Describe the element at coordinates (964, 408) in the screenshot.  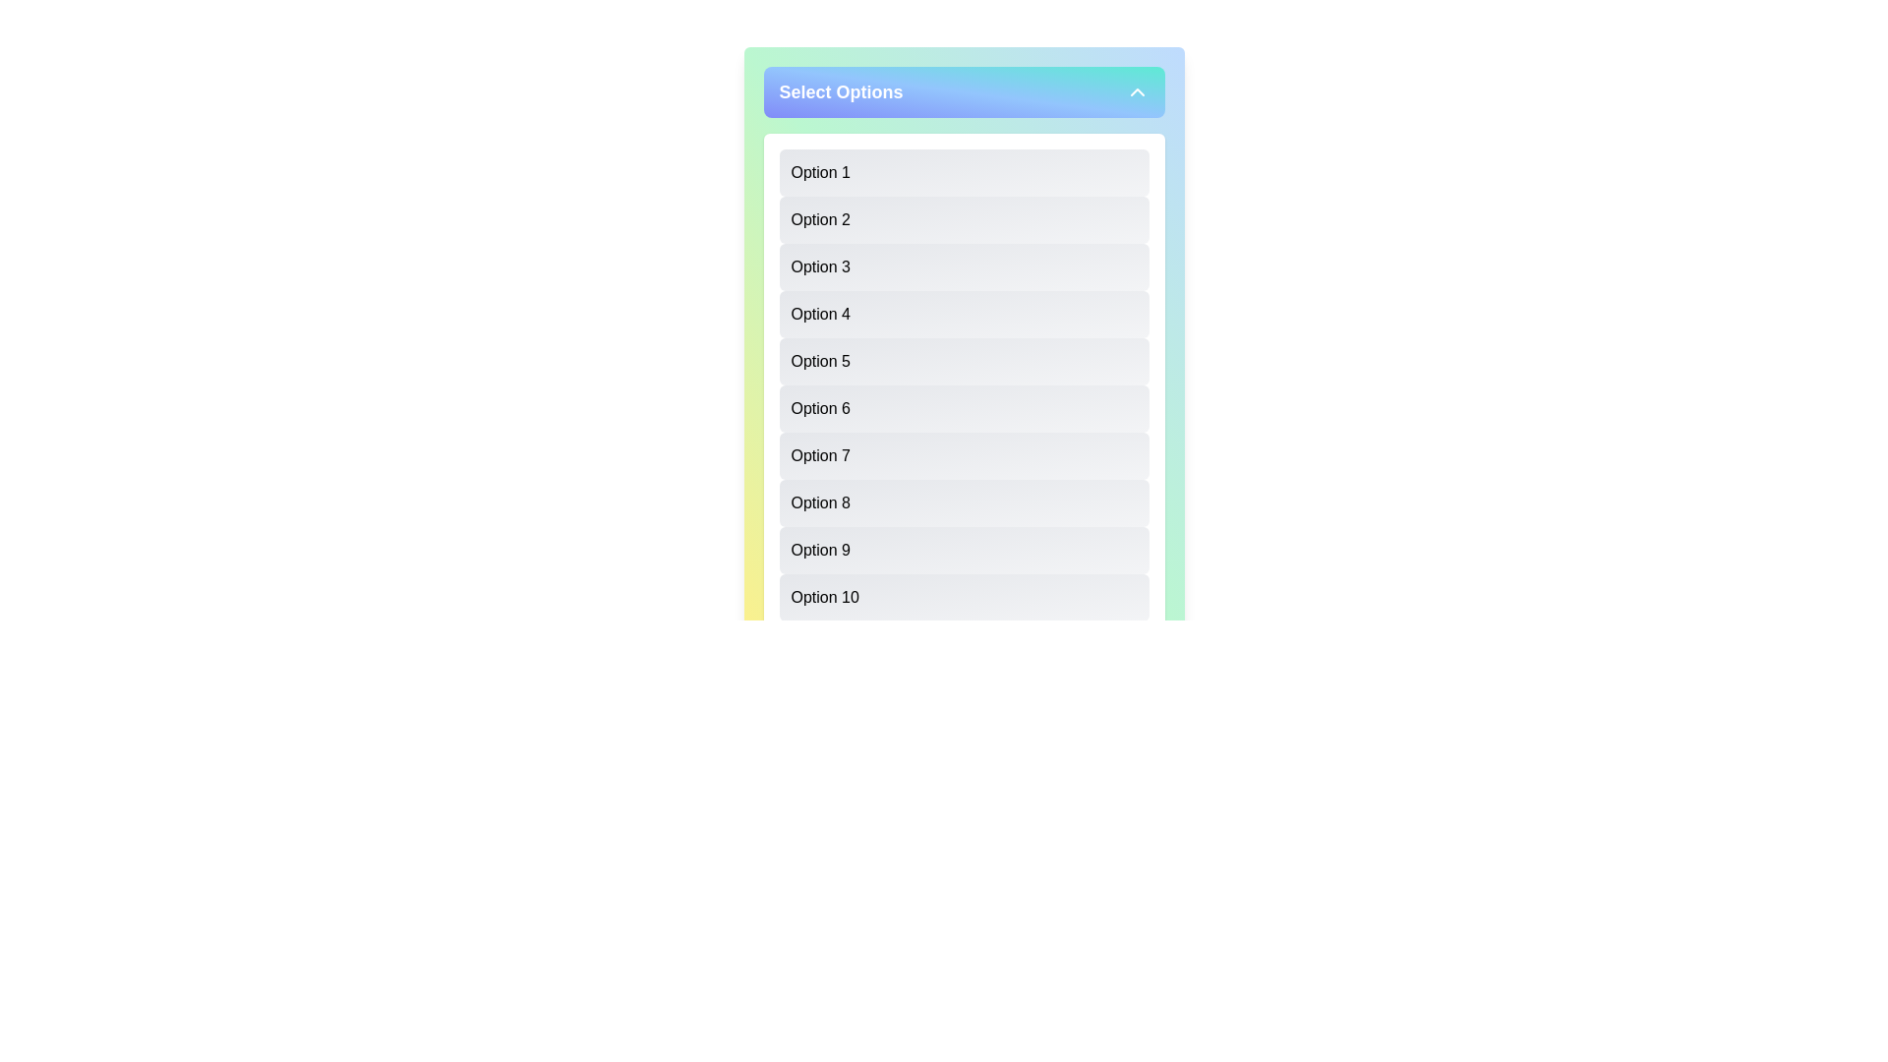
I see `the selectable list item labeled 'Option 6', which is a button-like option in a vertical list under 'Select Options'` at that location.